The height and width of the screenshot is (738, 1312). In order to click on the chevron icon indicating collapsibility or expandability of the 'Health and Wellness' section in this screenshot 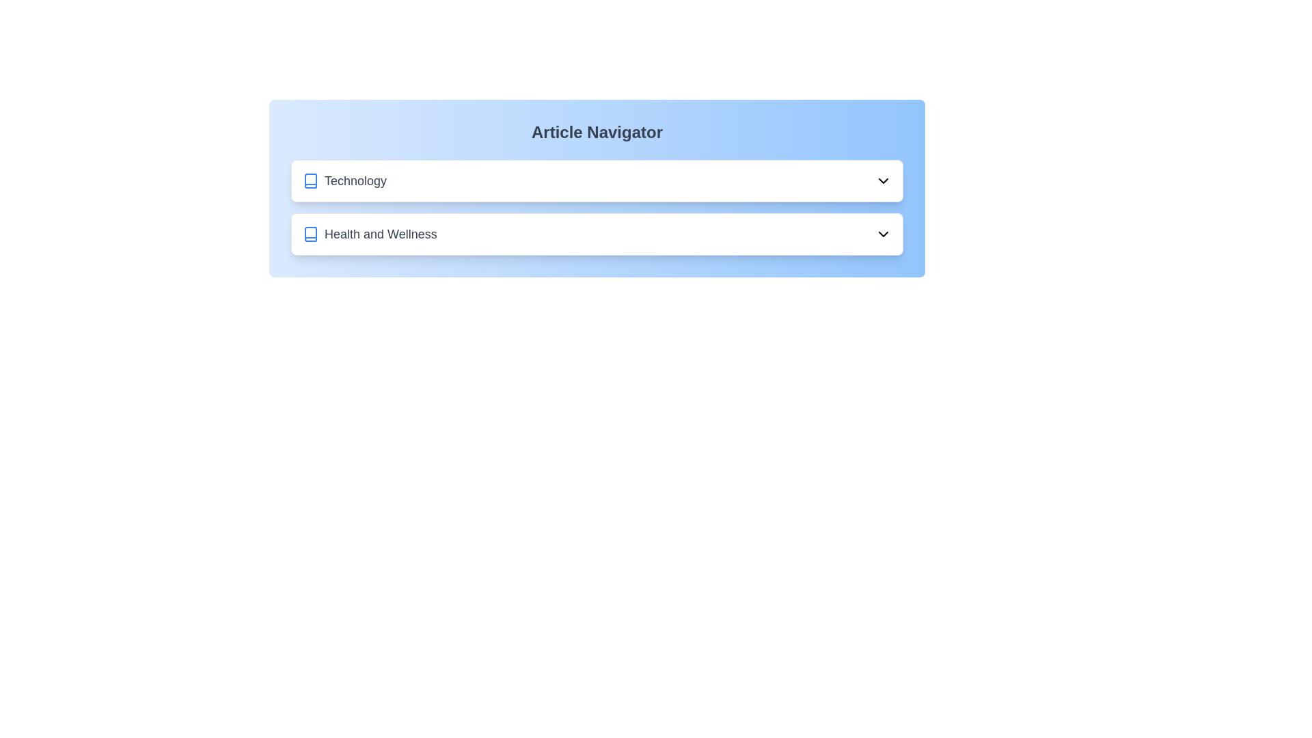, I will do `click(883, 234)`.